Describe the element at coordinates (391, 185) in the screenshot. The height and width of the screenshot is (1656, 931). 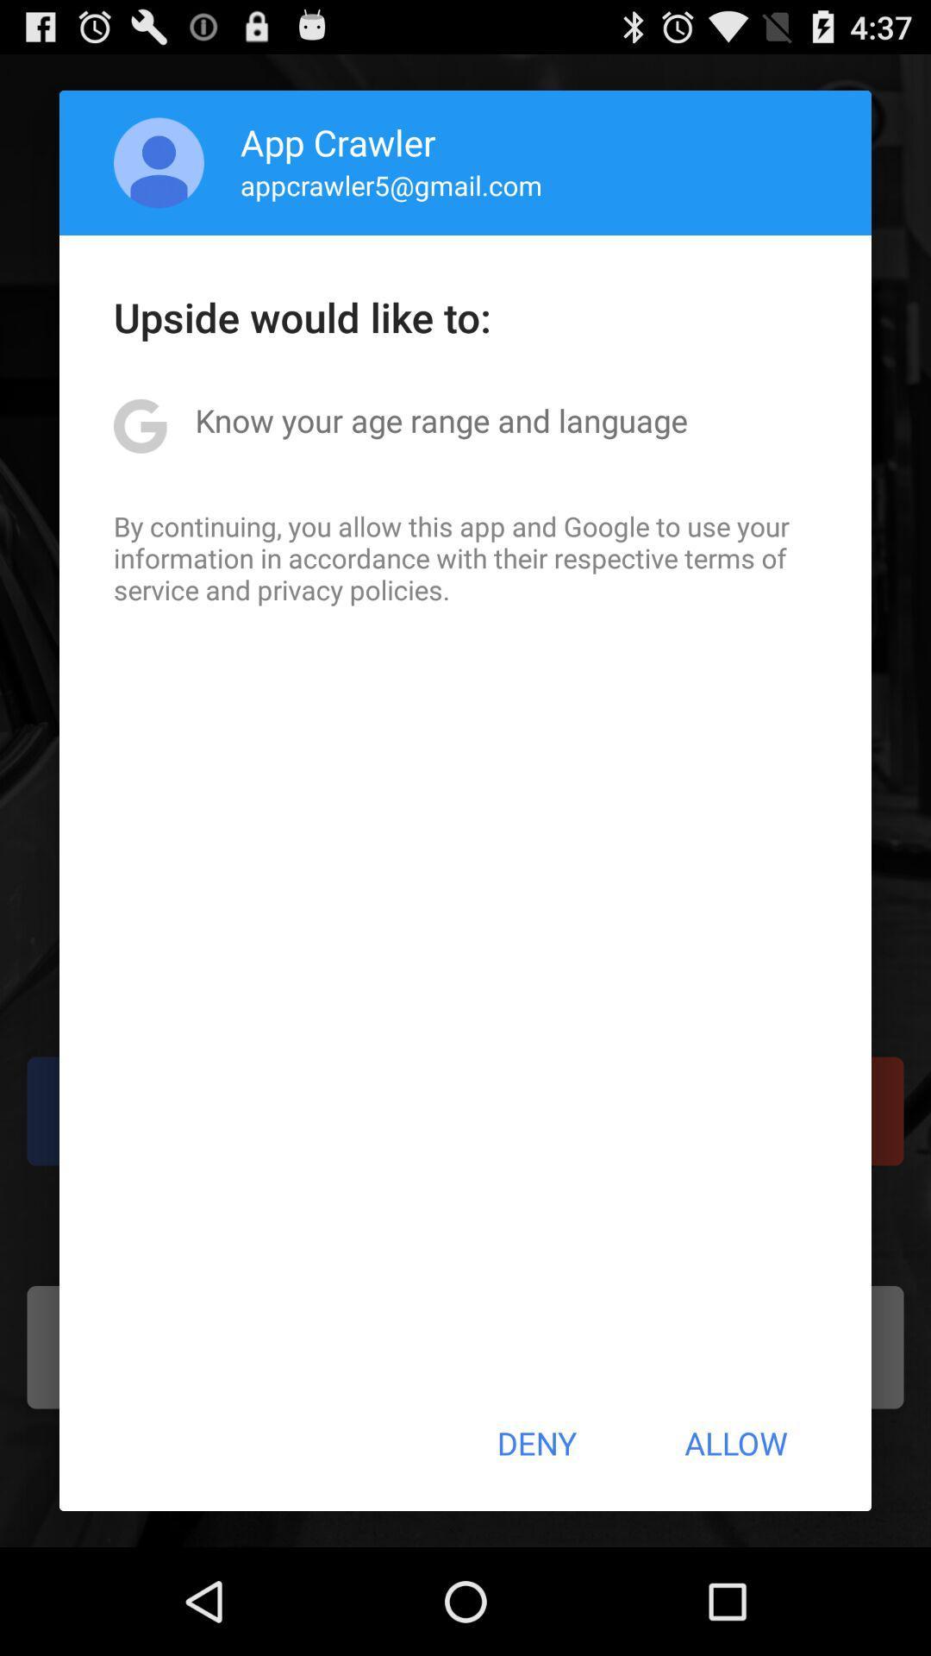
I see `appcrawler5@gmail.com app` at that location.